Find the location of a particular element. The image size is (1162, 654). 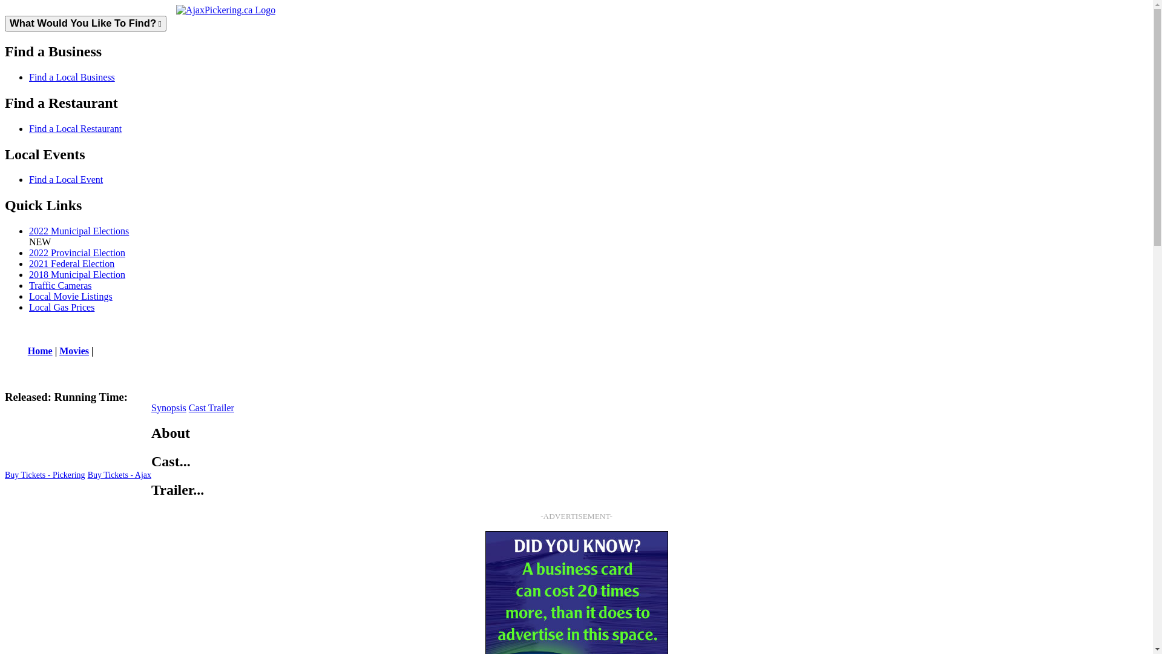

'Trailer' is located at coordinates (208, 408).